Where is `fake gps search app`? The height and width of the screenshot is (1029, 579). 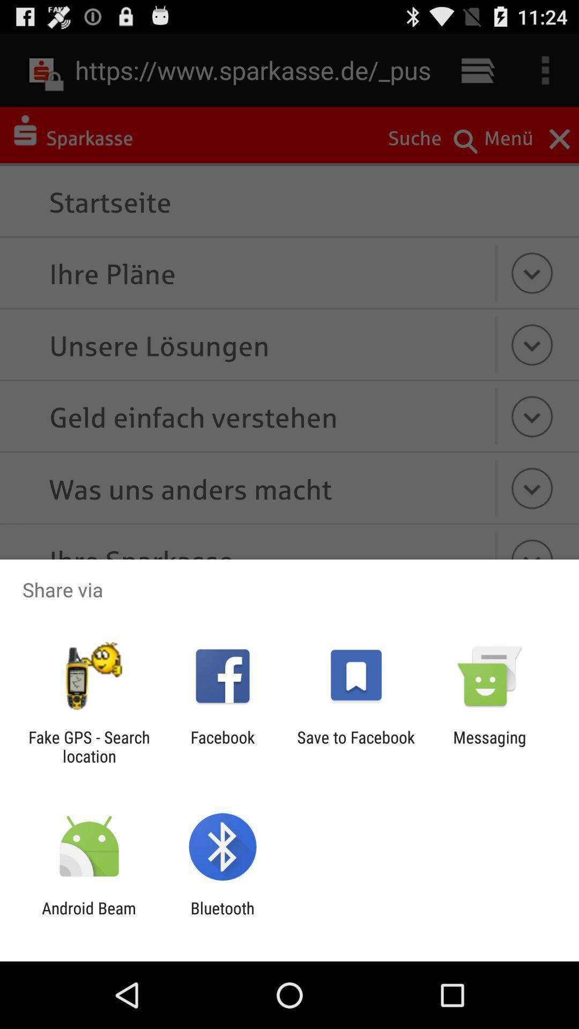
fake gps search app is located at coordinates (88, 746).